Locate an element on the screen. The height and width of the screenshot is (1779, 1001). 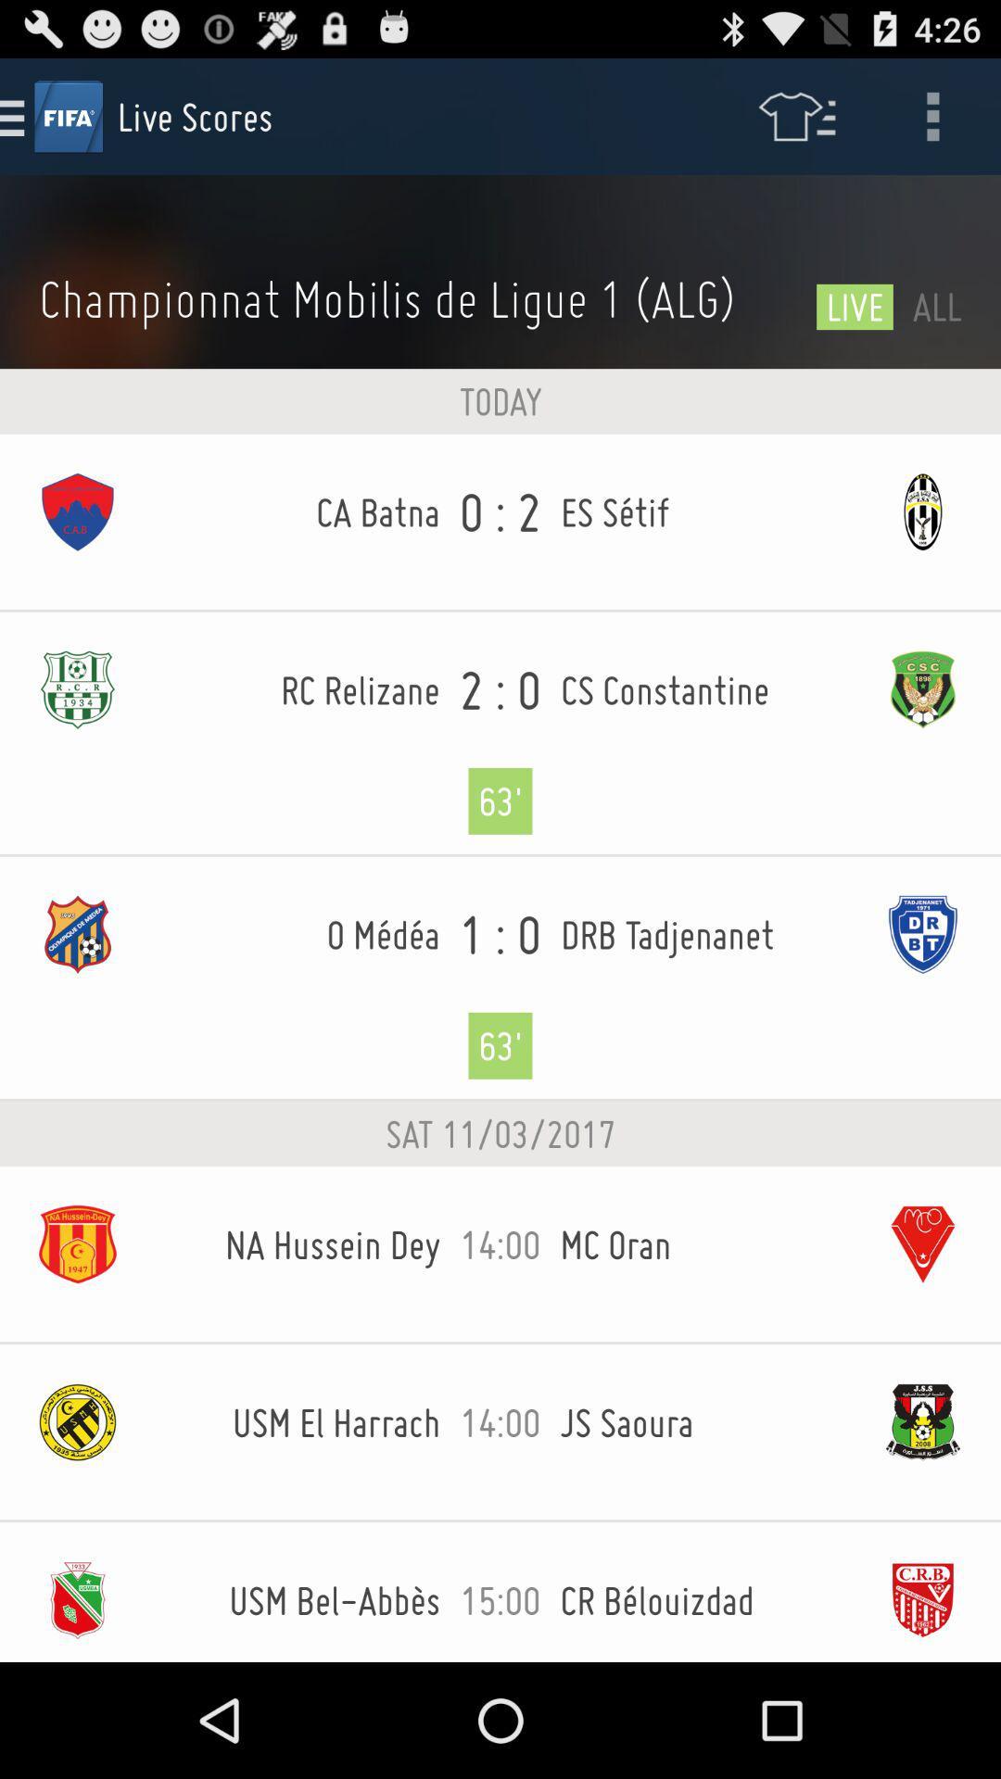
the sat 11 03 is located at coordinates (500, 1133).